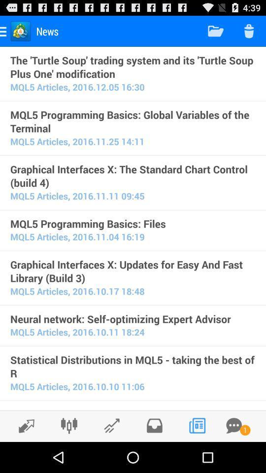 The image size is (266, 473). Describe the element at coordinates (233, 425) in the screenshot. I see `chat option` at that location.